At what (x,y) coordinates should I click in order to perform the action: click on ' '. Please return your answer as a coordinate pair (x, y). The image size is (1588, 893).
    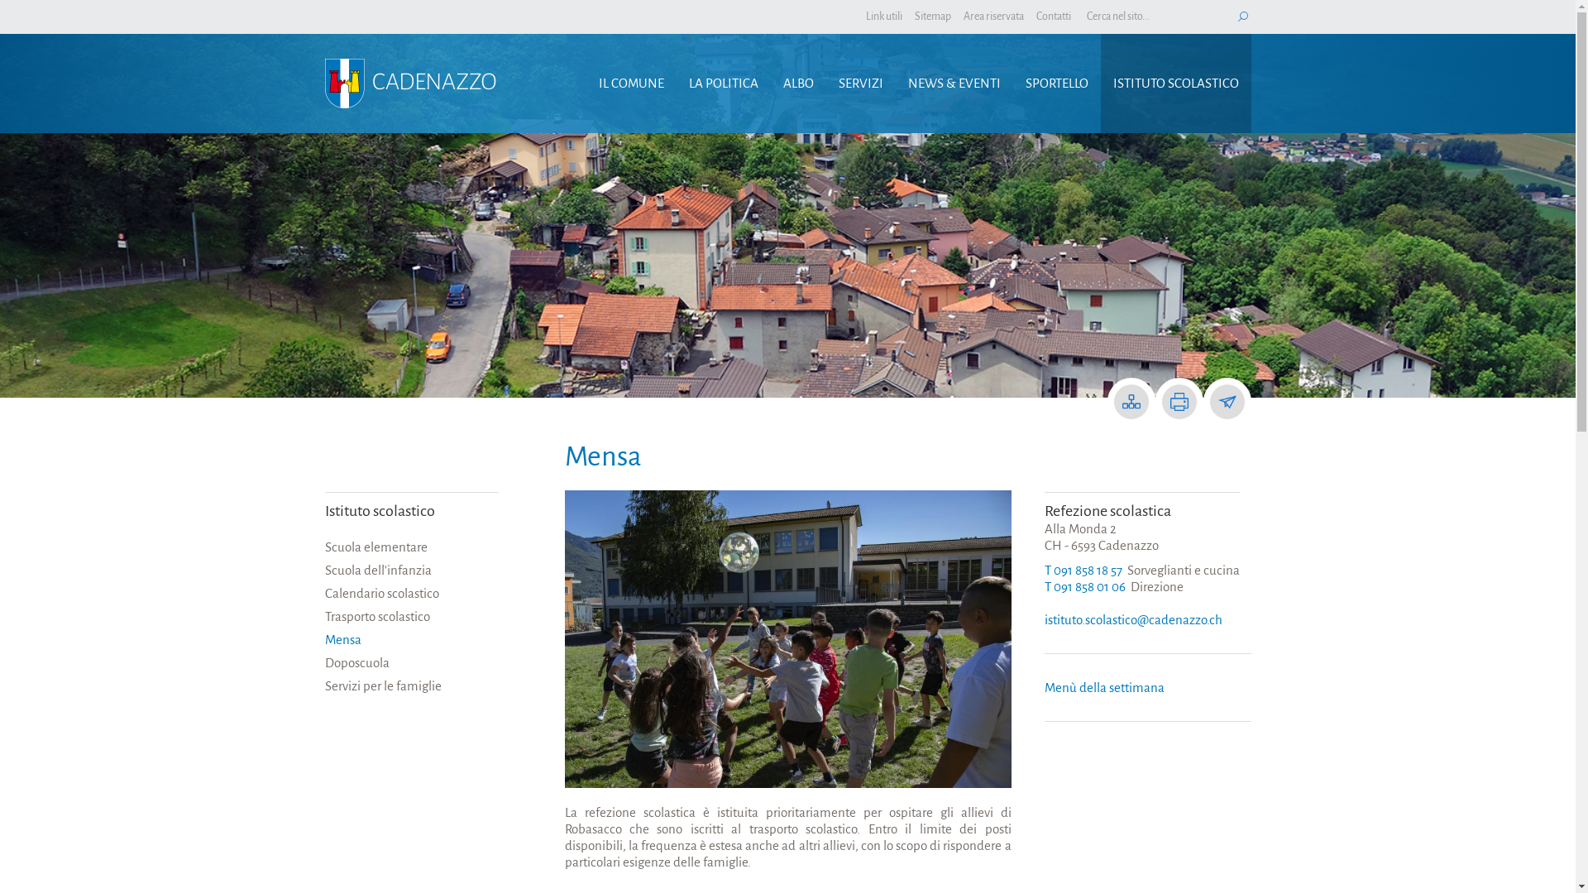
    Looking at the image, I should click on (1242, 16).